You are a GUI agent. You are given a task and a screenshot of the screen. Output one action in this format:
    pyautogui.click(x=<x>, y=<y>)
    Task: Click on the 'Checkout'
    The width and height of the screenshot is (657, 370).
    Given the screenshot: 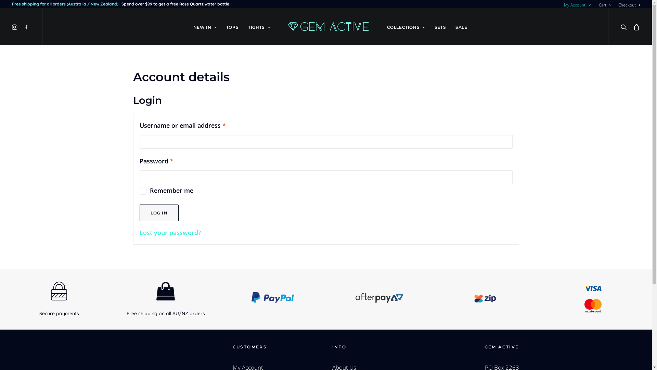 What is the action you would take?
    pyautogui.click(x=615, y=5)
    